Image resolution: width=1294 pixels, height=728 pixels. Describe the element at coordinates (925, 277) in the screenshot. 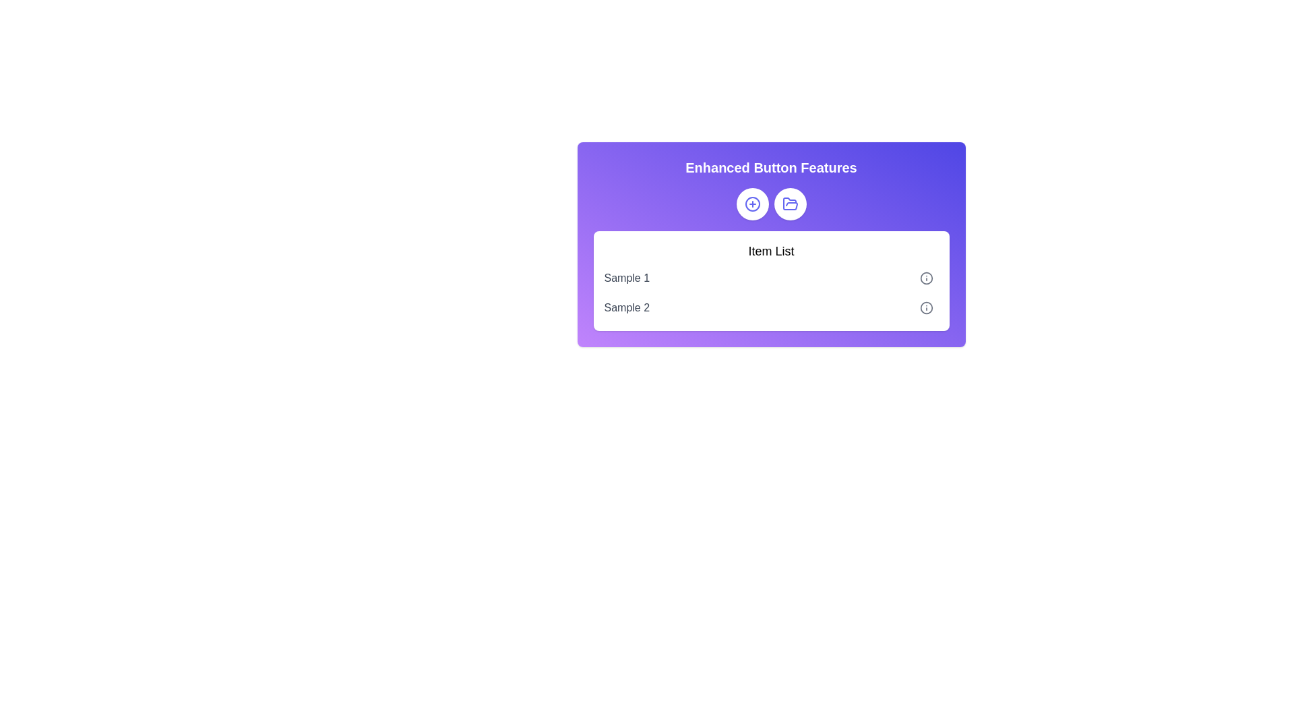

I see `the circular button with an information icon located to the right of the 'Sample 1' row` at that location.